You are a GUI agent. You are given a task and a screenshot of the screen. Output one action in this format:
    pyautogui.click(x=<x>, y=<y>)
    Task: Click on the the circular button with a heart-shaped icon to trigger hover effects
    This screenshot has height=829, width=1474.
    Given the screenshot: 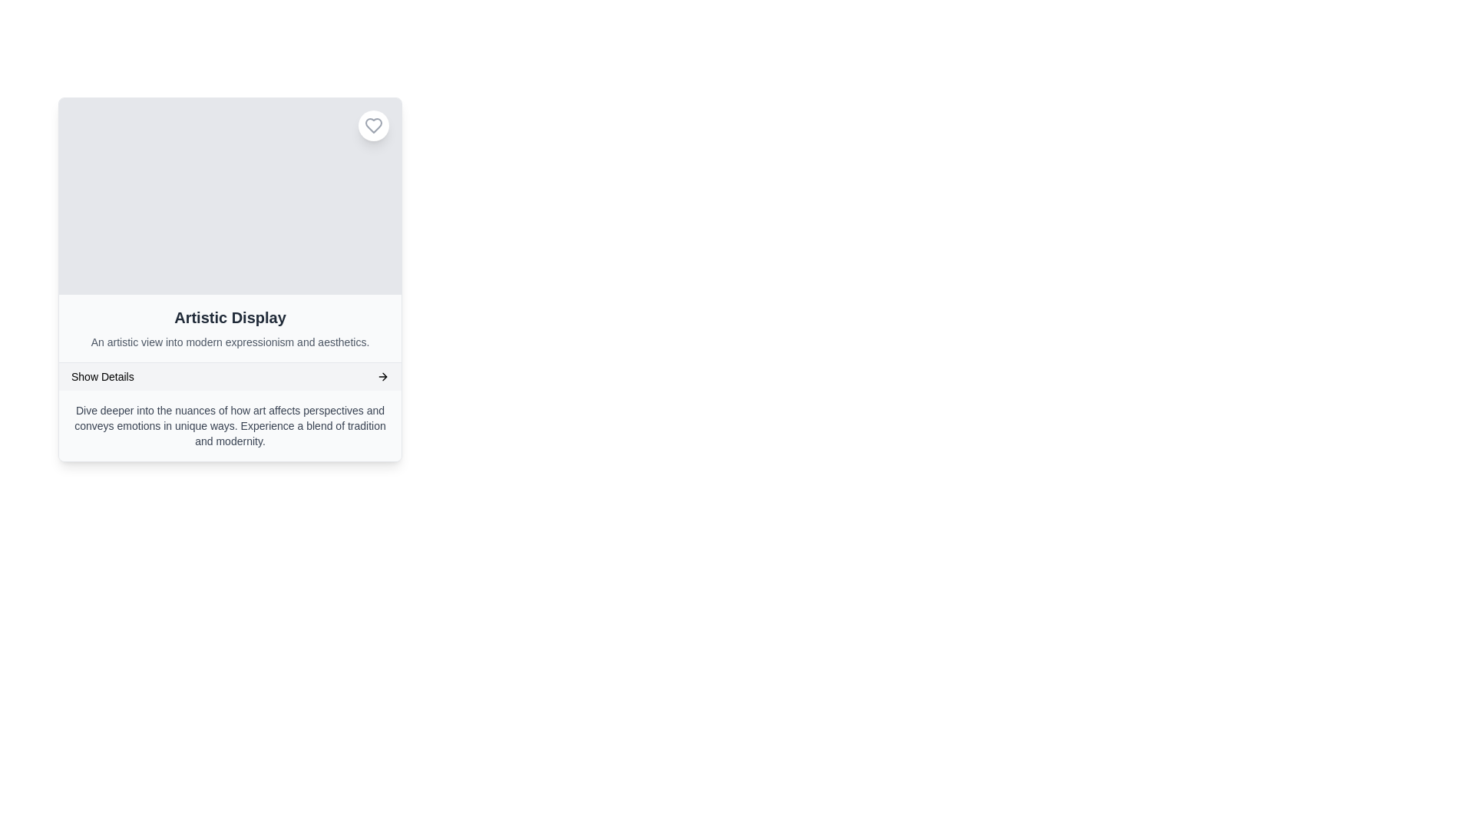 What is the action you would take?
    pyautogui.click(x=373, y=125)
    